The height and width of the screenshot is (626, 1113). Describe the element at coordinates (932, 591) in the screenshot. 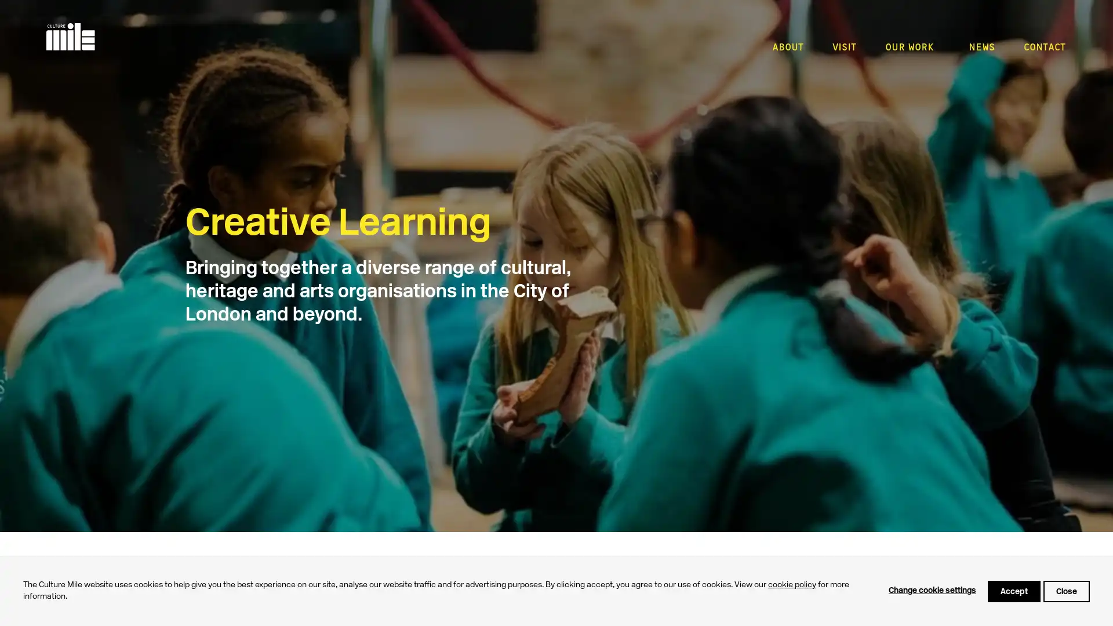

I see `Change cookie settings` at that location.